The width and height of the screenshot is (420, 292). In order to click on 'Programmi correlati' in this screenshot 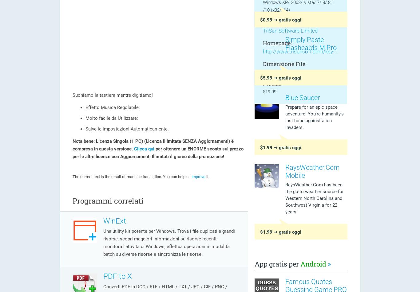, I will do `click(73, 200)`.